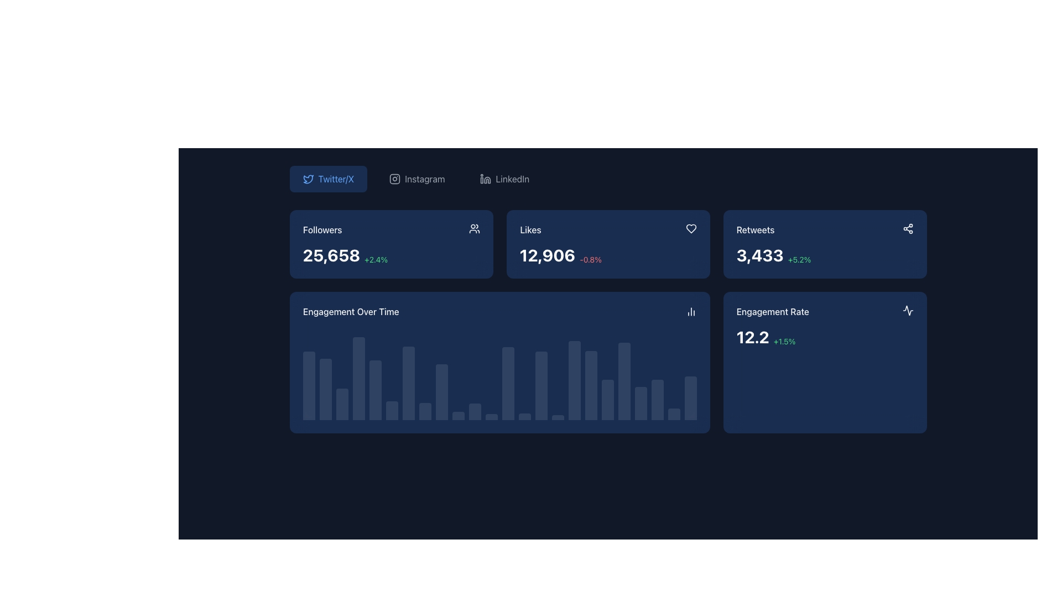 Image resolution: width=1062 pixels, height=597 pixels. What do you see at coordinates (392, 410) in the screenshot?
I see `the 6th bar in the bar chart, which has a rounded top and a semi-transparent dark background` at bounding box center [392, 410].